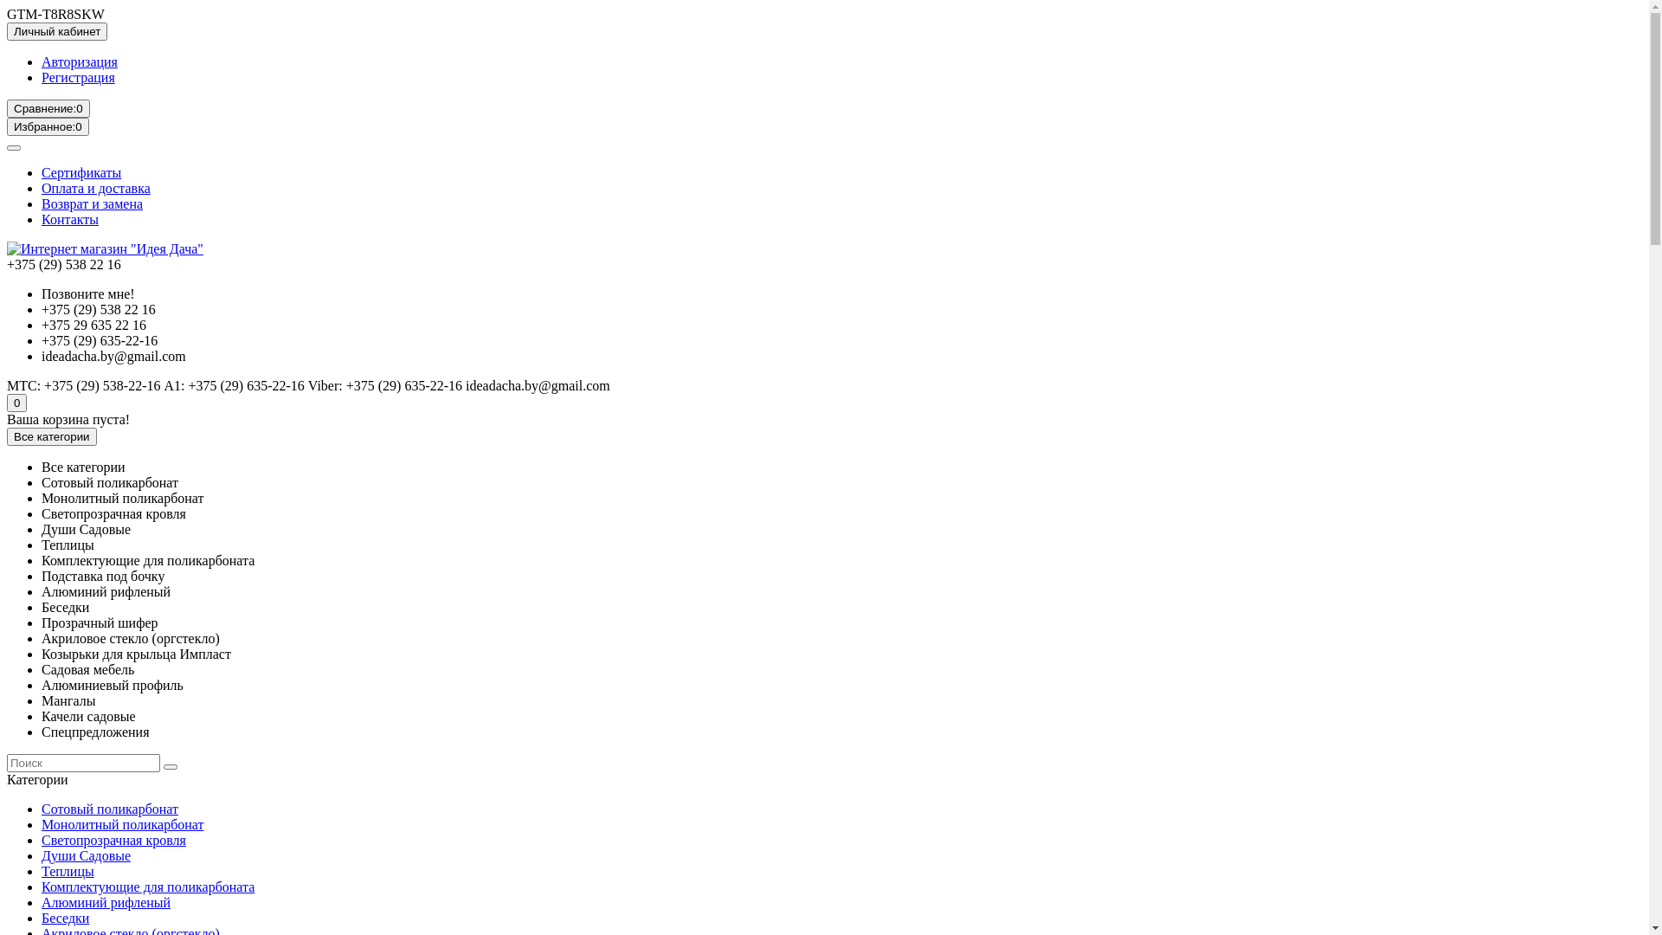 This screenshot has height=935, width=1662. I want to click on 'ideadacha.by@gmail.com', so click(113, 355).